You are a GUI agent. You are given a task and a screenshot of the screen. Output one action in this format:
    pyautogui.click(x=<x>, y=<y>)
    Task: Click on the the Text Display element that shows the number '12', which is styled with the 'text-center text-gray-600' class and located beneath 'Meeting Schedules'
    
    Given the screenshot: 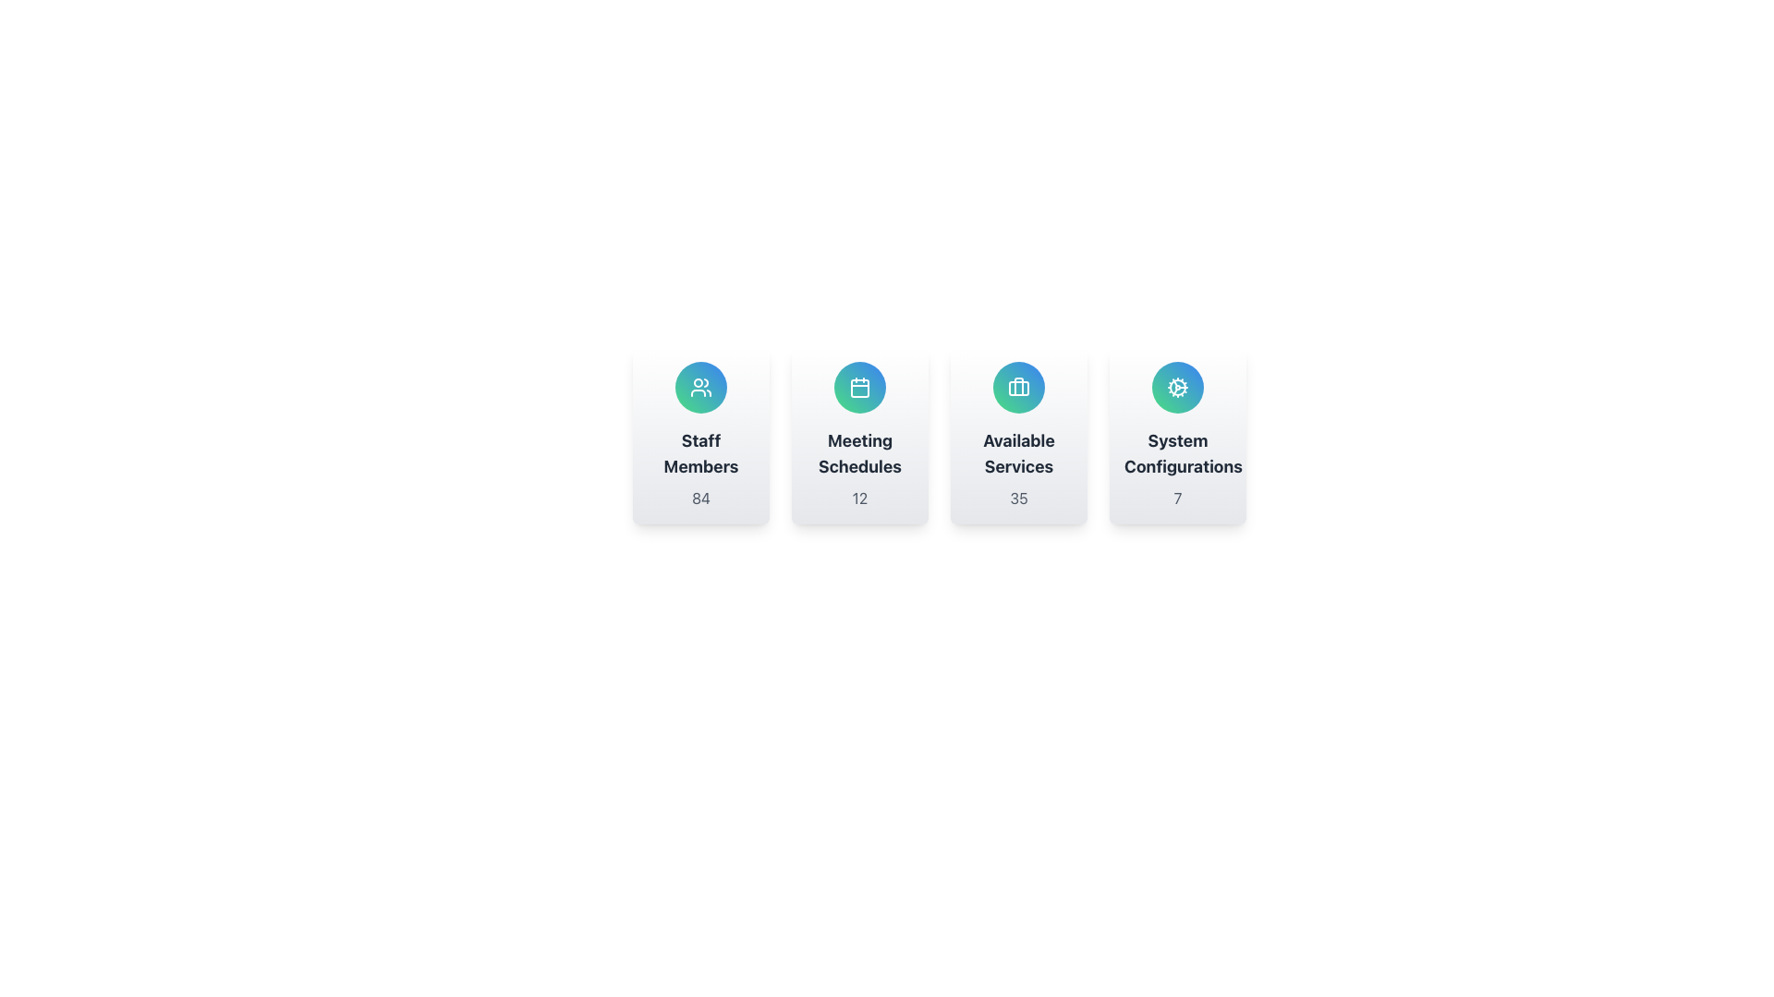 What is the action you would take?
    pyautogui.click(x=859, y=498)
    